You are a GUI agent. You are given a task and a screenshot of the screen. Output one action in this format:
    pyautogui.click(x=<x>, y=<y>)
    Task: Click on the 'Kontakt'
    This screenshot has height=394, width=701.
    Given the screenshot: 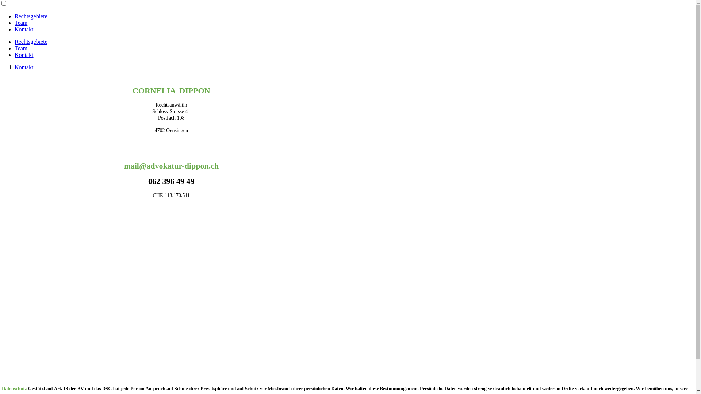 What is the action you would take?
    pyautogui.click(x=24, y=67)
    